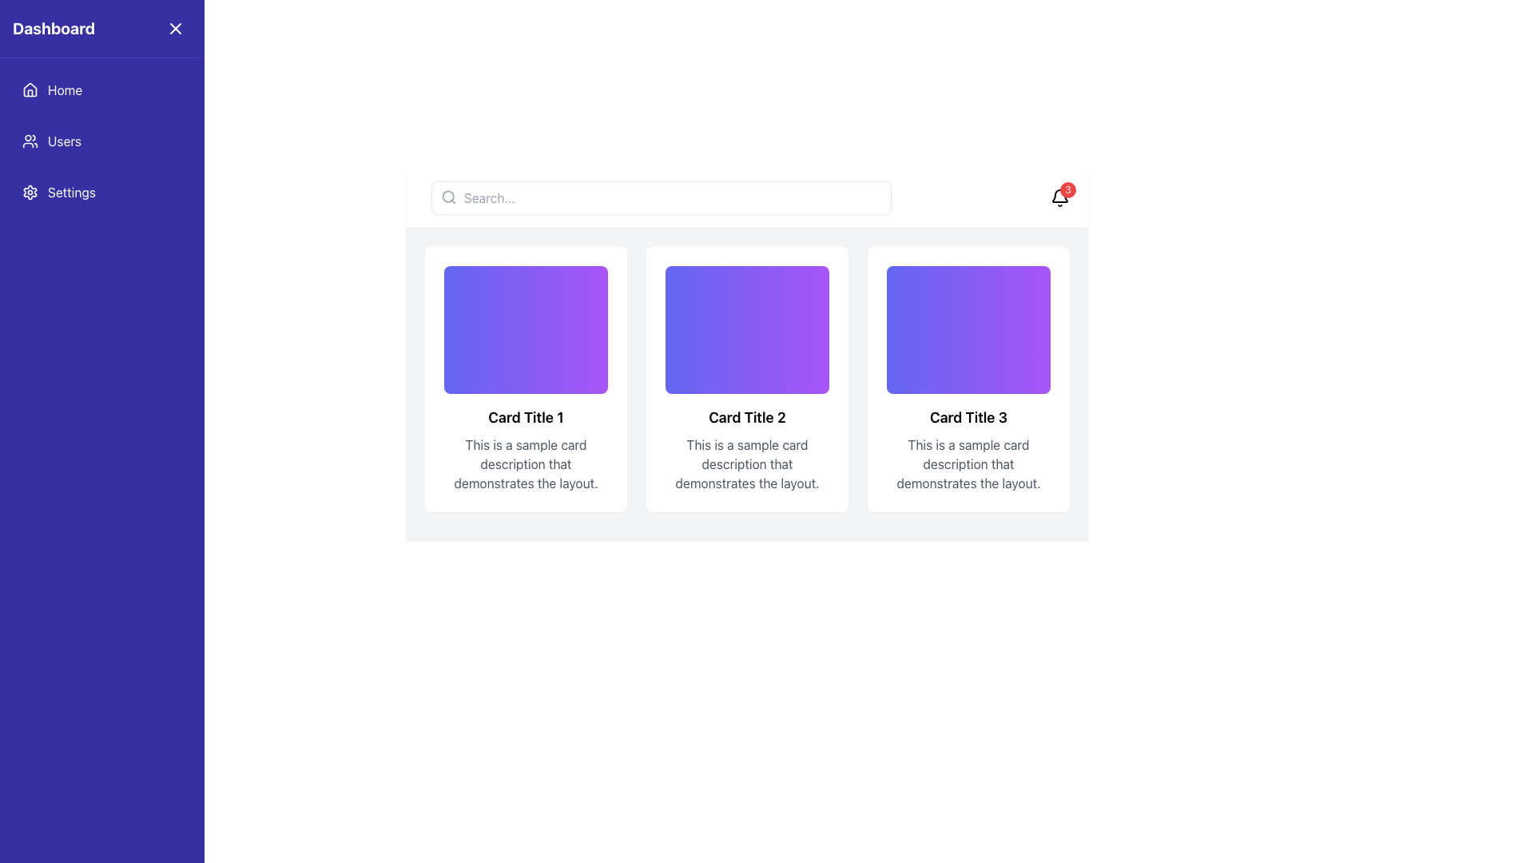  What do you see at coordinates (526, 379) in the screenshot?
I see `the first card` at bounding box center [526, 379].